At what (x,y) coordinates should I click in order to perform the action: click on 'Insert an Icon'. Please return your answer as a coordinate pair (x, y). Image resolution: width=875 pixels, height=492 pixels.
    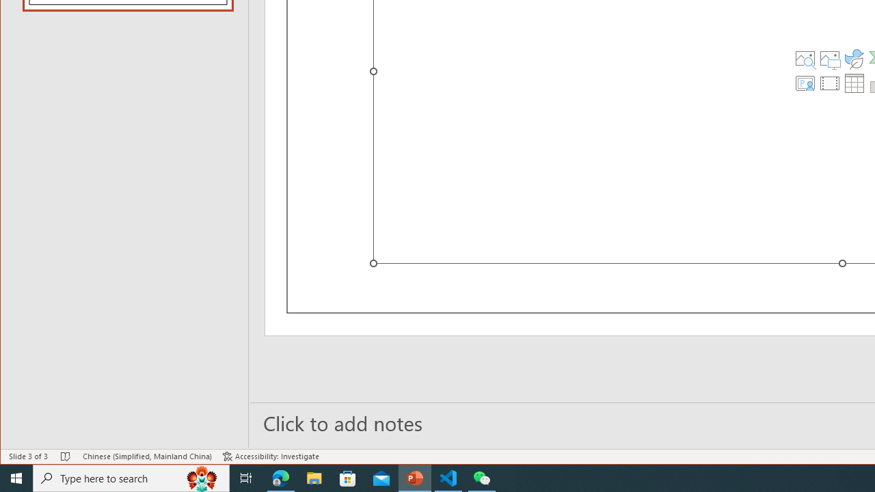
    Looking at the image, I should click on (853, 58).